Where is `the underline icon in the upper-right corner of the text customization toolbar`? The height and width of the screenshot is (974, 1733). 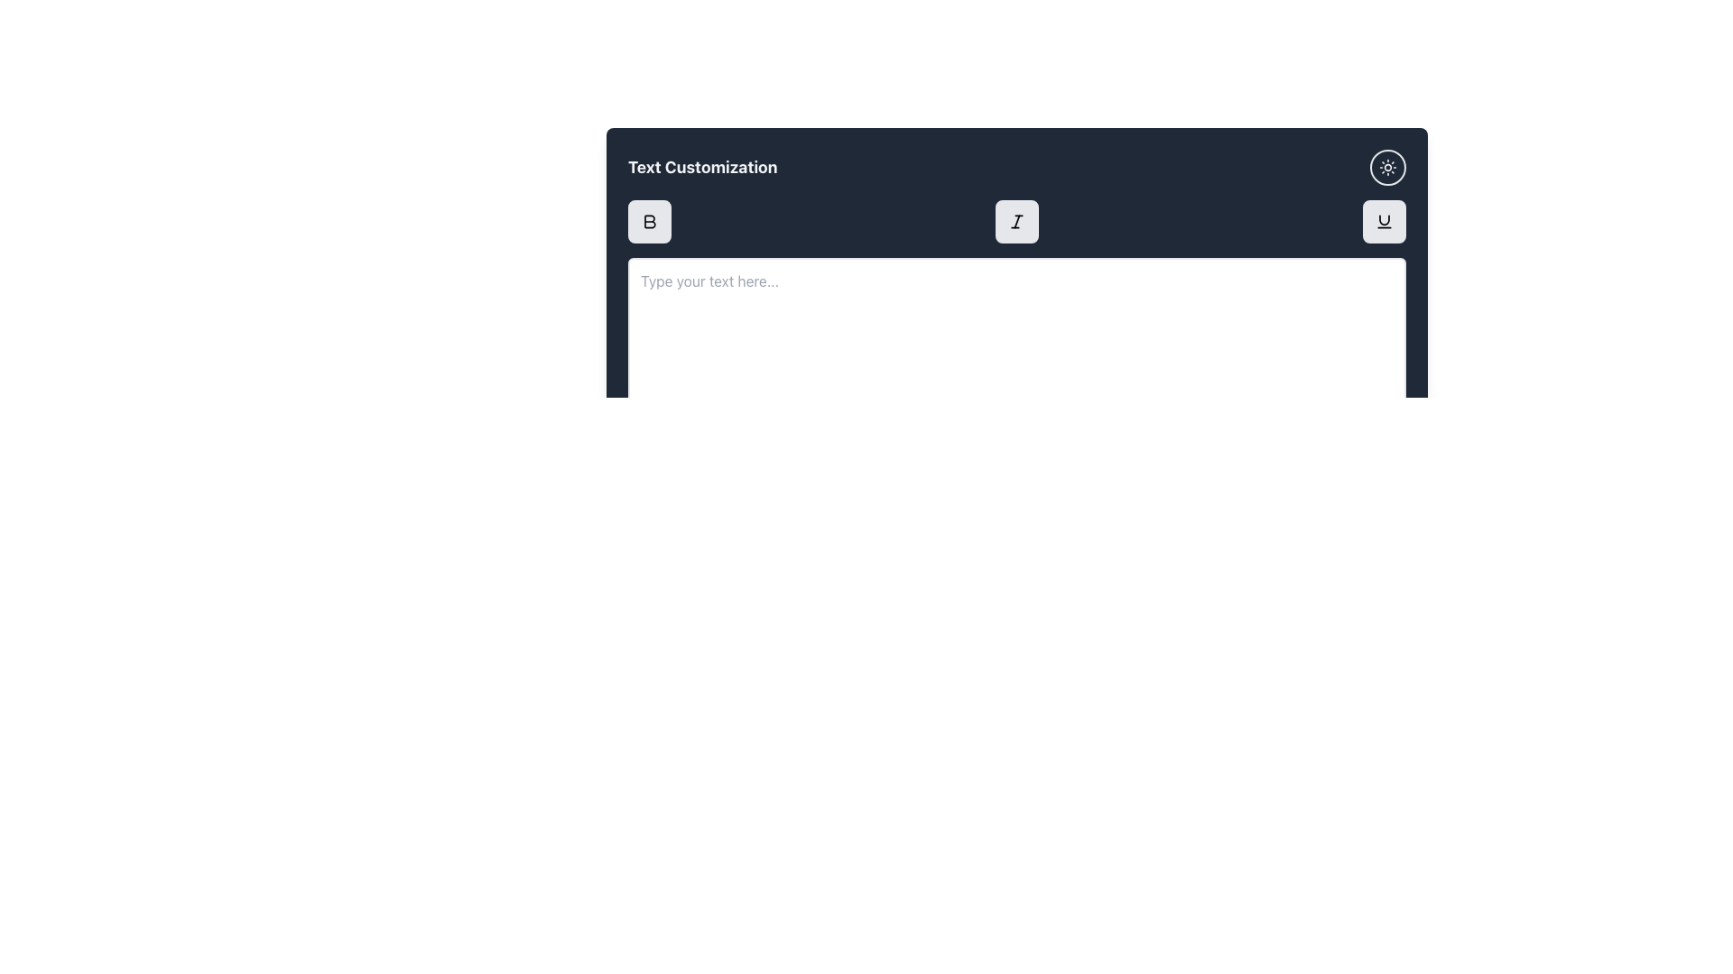 the underline icon in the upper-right corner of the text customization toolbar is located at coordinates (1384, 221).